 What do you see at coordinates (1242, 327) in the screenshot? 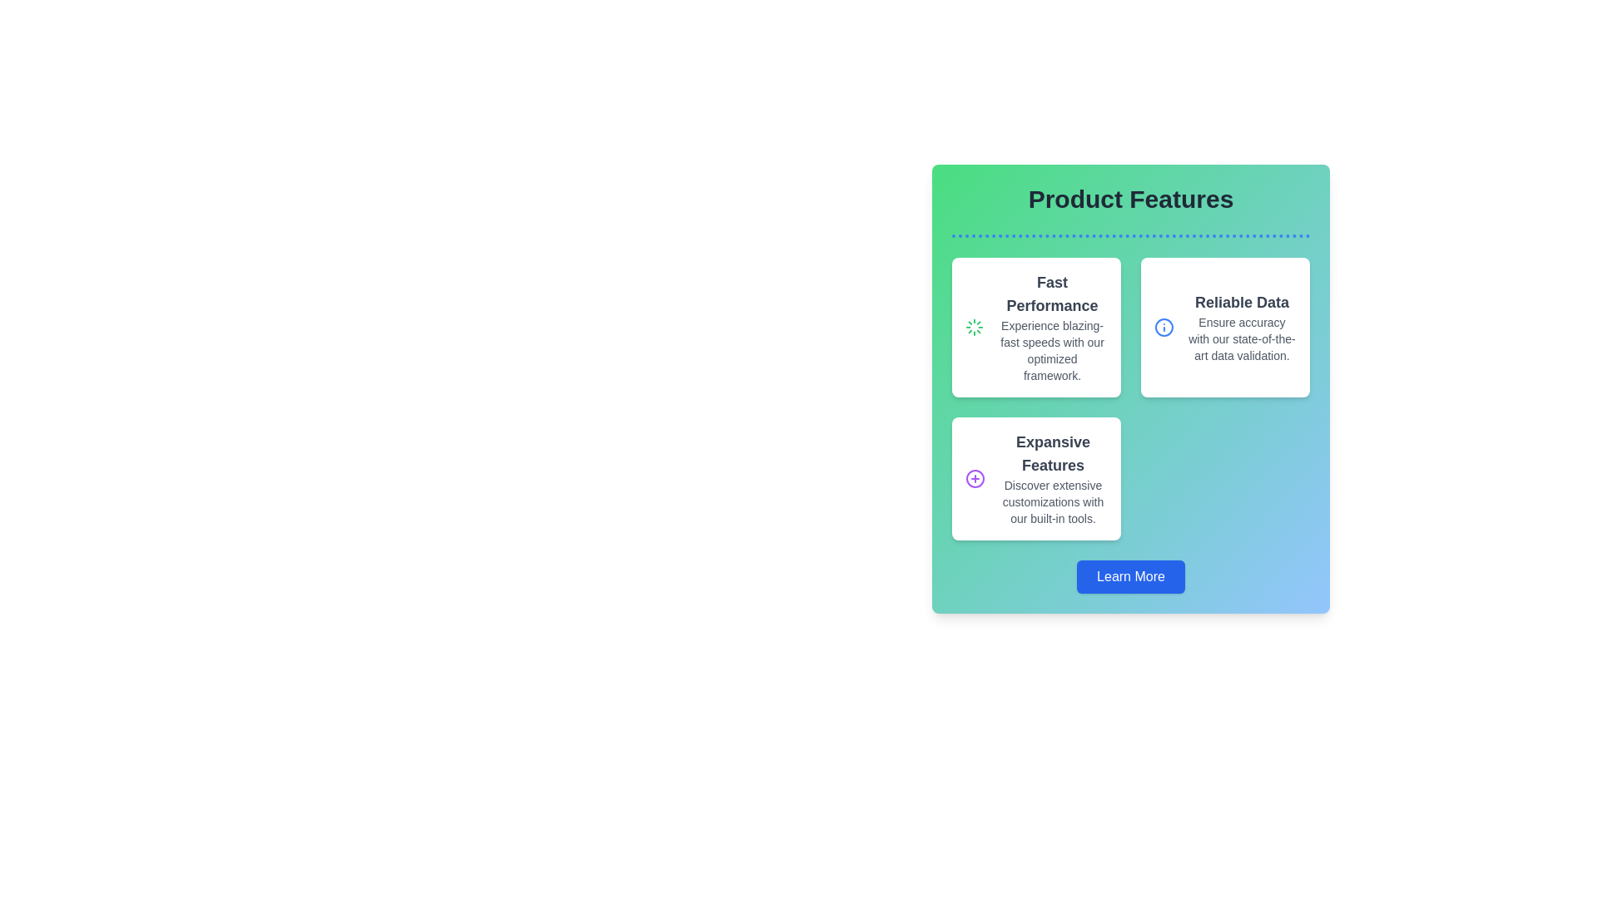
I see `text content of the information display Text block located in the top-right quadrant of the 'Product Features' section of the card-style layout` at bounding box center [1242, 327].